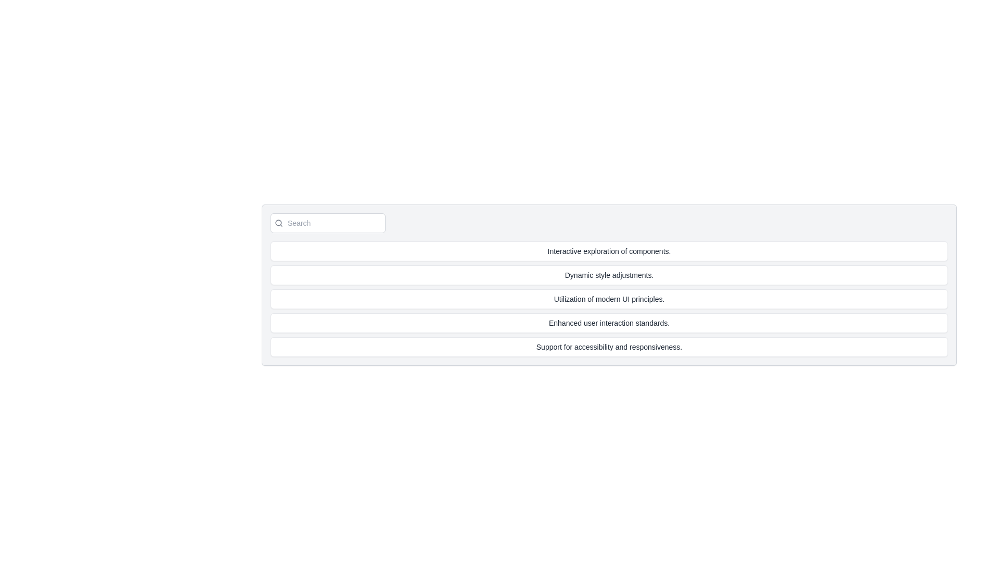 The image size is (999, 562). I want to click on the text containing the character 'a' in the string 'Support for accessibility and responsiveness.' which is the 19th character, so click(570, 347).